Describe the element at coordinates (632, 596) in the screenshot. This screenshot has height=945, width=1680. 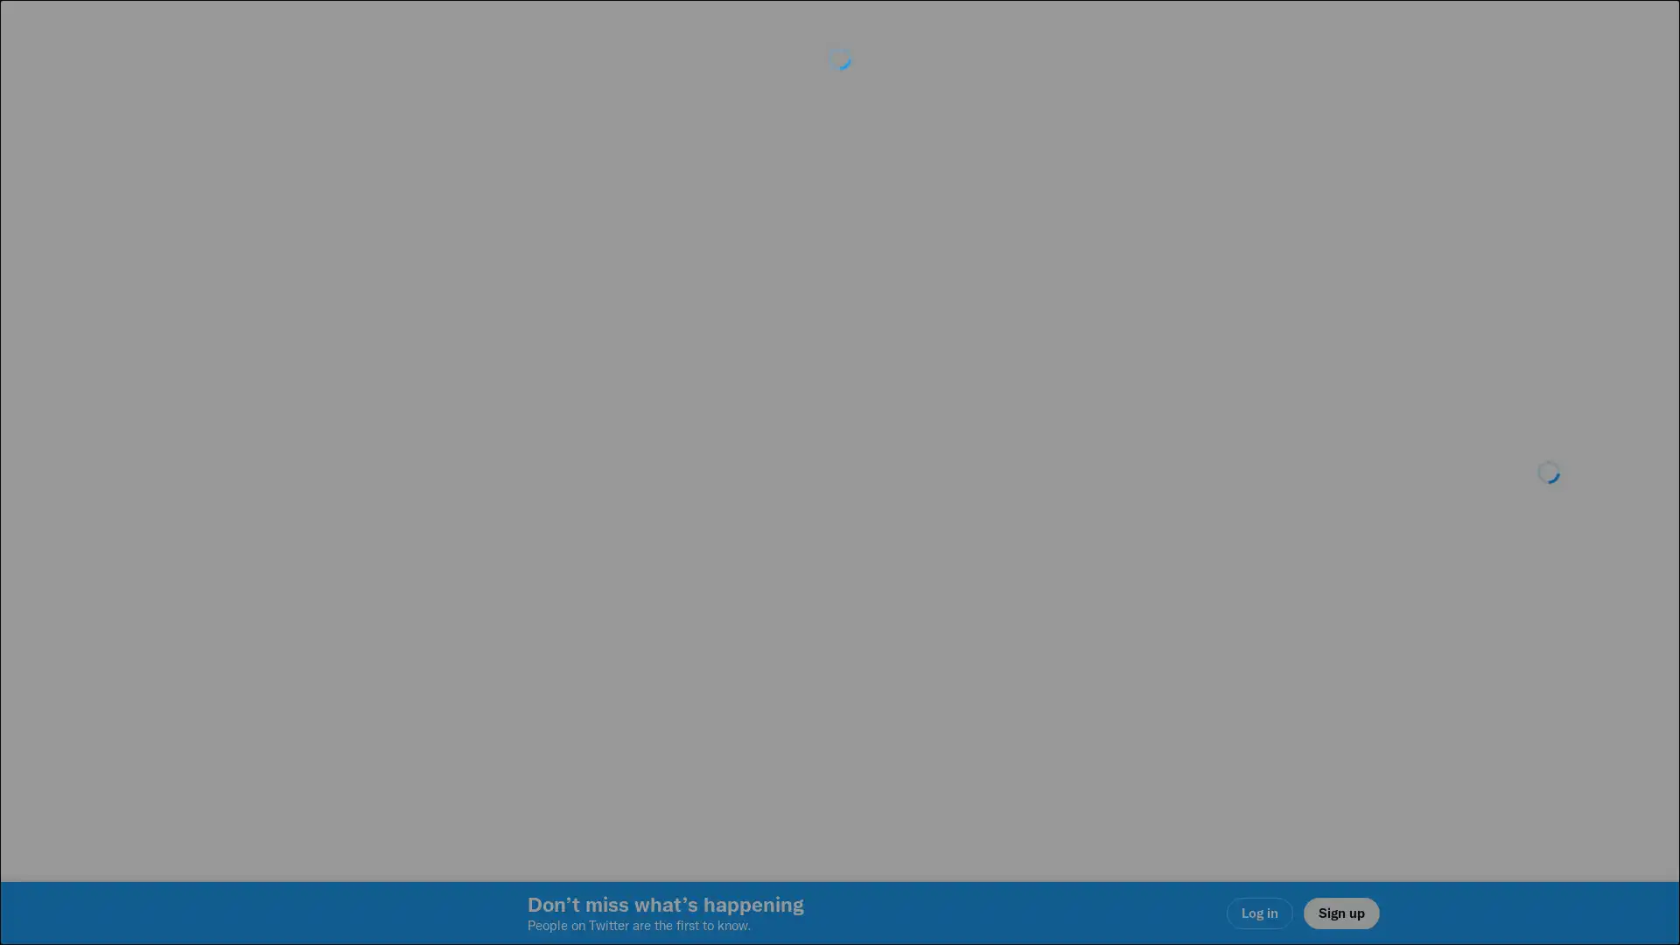
I see `Sign up` at that location.